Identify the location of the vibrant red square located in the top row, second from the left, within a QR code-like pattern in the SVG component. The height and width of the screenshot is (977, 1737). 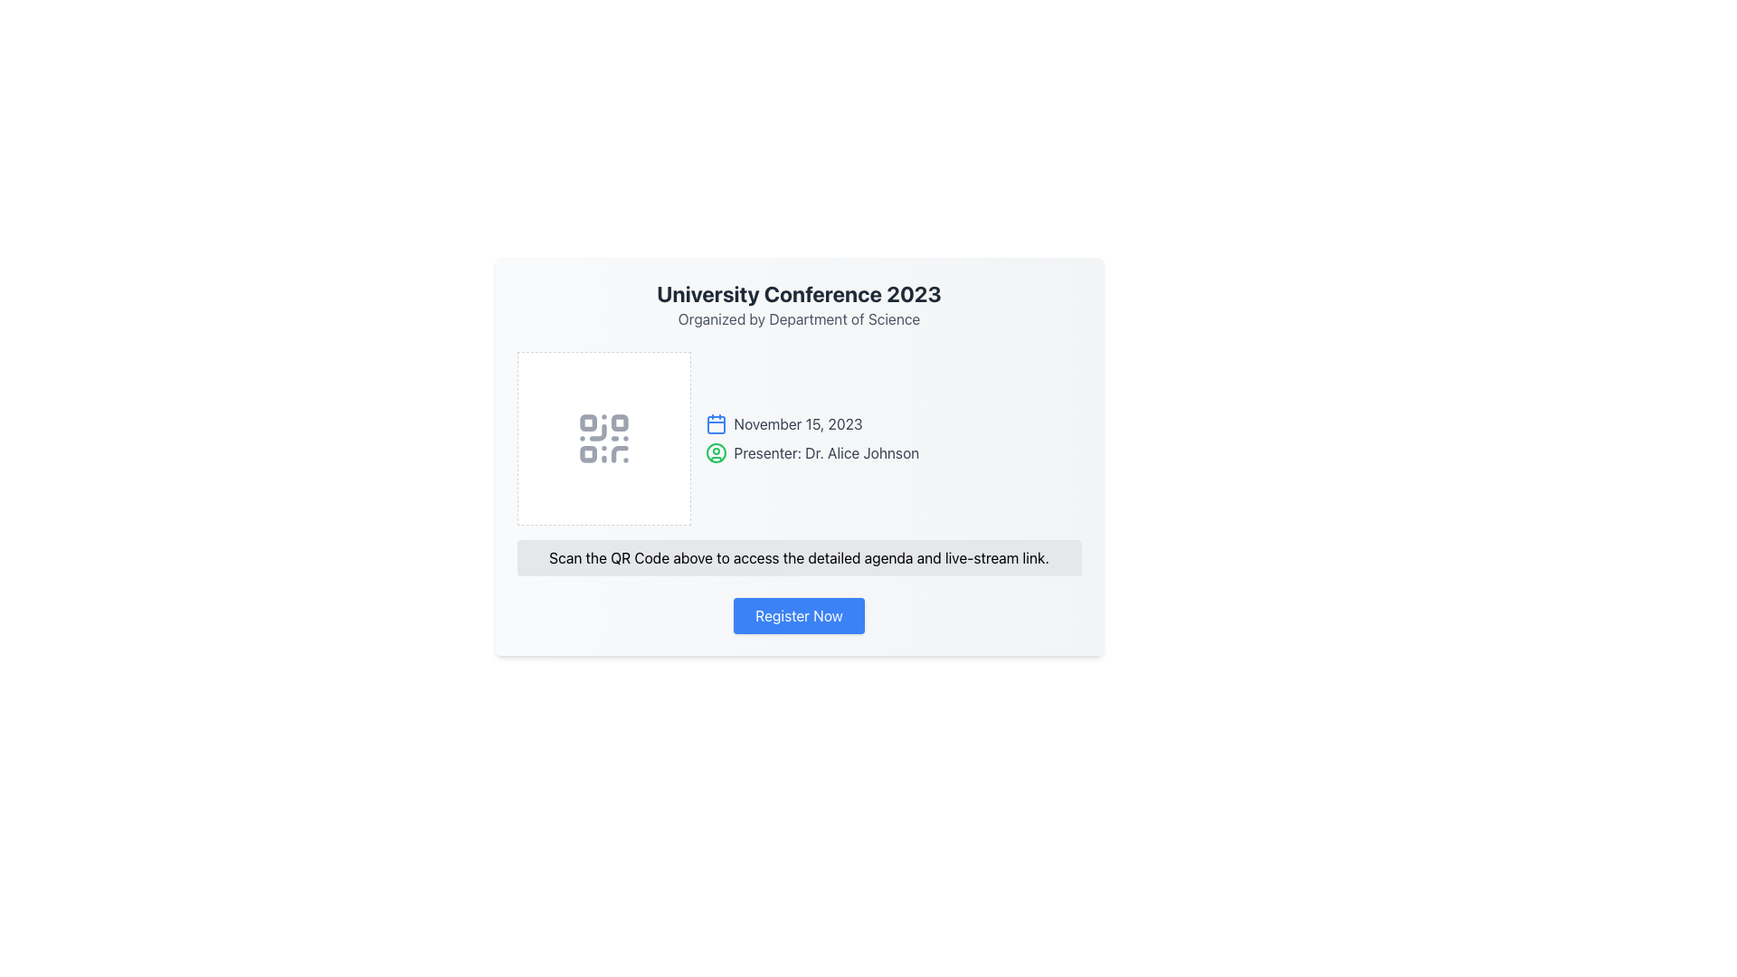
(619, 422).